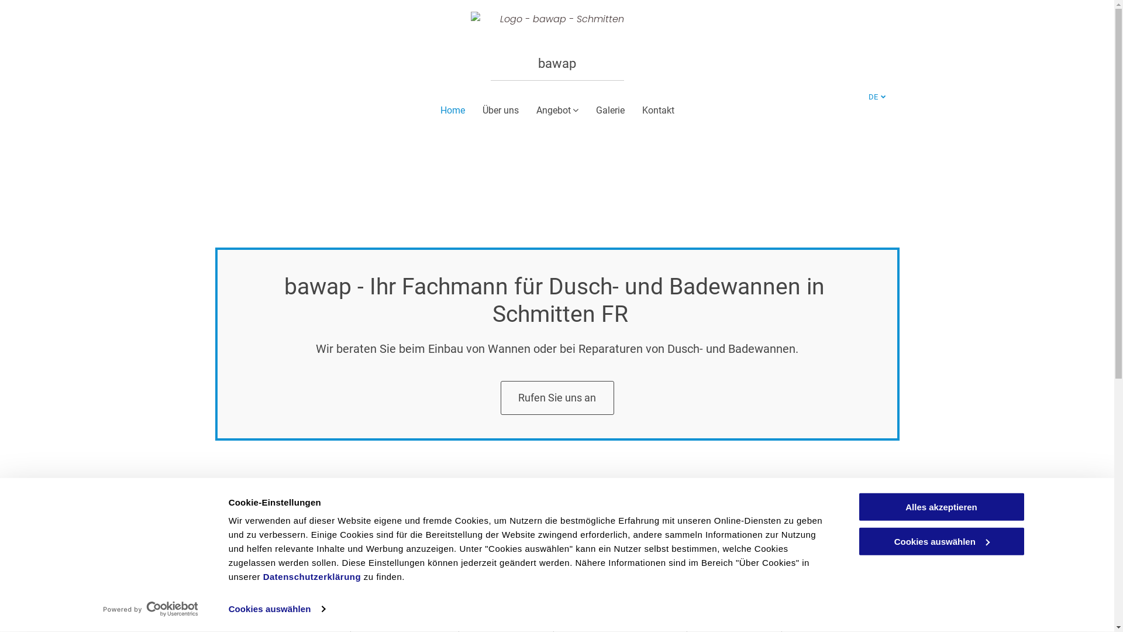  What do you see at coordinates (439, 110) in the screenshot?
I see `'Home'` at bounding box center [439, 110].